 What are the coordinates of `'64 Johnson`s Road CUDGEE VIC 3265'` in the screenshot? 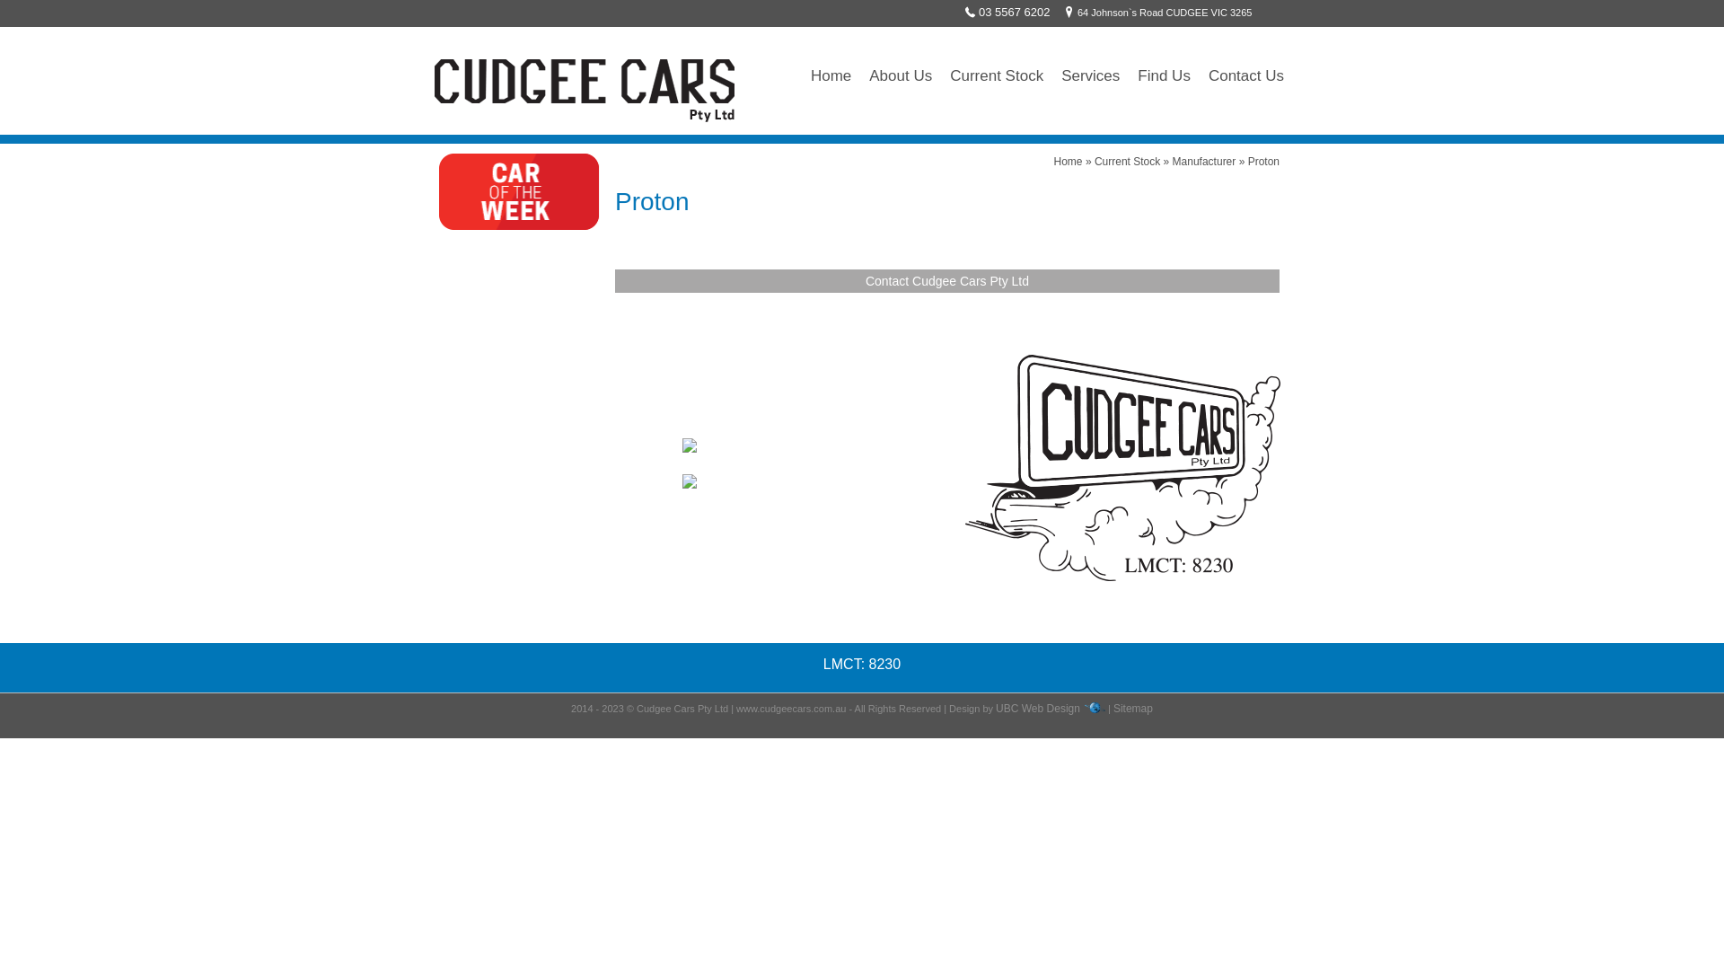 It's located at (1155, 13).